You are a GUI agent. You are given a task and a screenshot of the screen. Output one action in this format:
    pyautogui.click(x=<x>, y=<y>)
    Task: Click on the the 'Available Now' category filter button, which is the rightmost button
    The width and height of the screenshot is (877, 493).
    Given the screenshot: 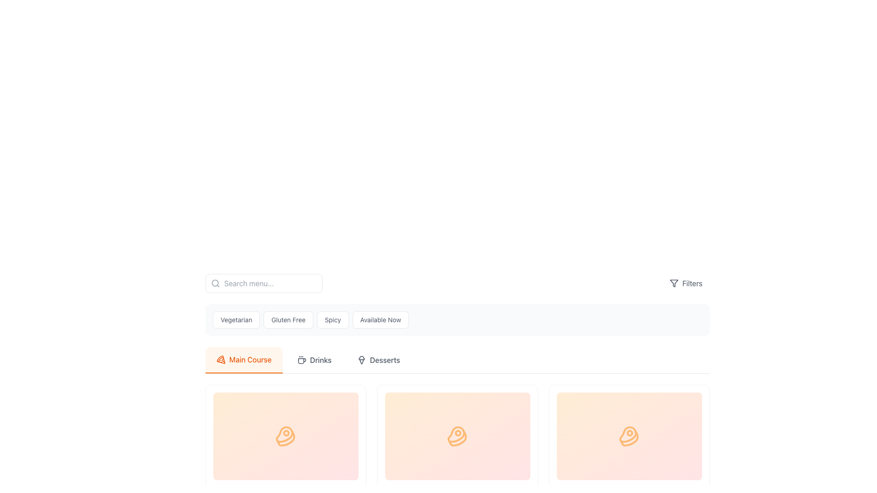 What is the action you would take?
    pyautogui.click(x=380, y=320)
    